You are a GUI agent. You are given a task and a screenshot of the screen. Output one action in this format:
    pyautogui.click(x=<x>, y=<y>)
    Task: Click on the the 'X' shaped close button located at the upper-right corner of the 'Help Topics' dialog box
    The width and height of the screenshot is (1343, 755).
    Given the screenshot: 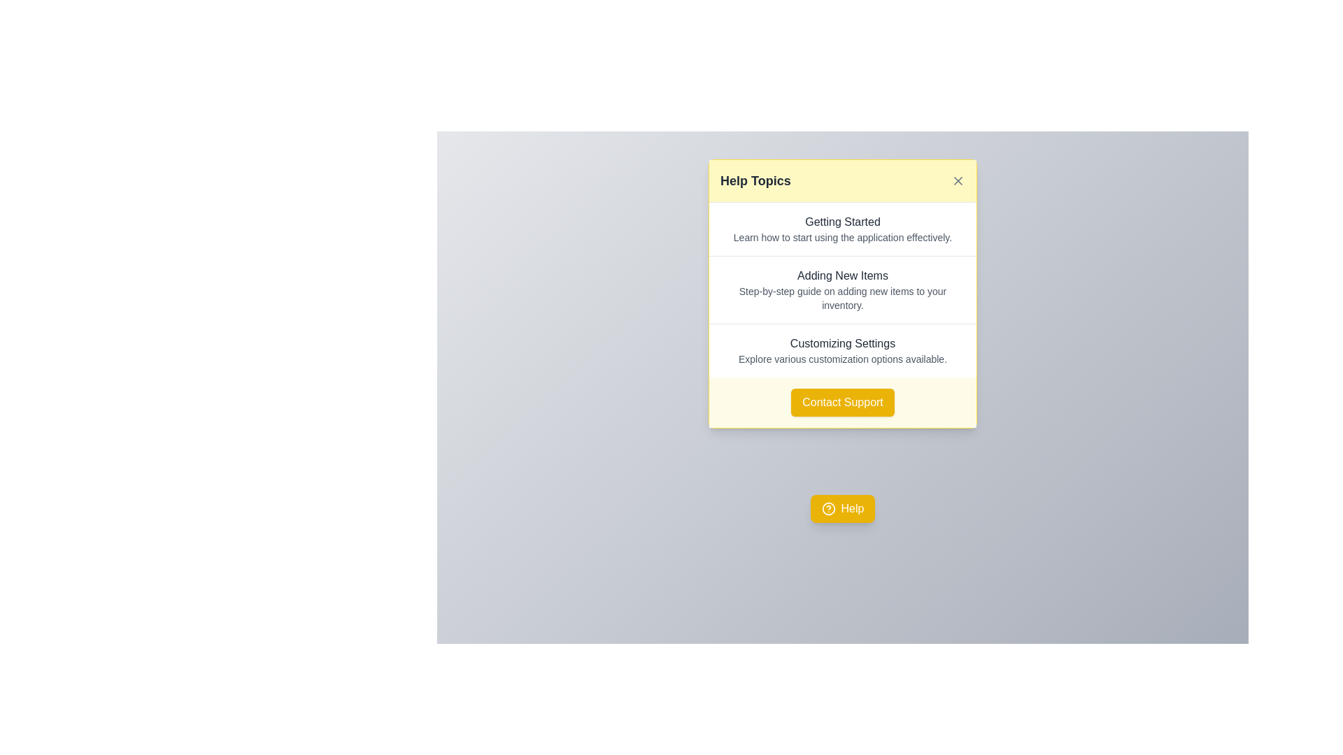 What is the action you would take?
    pyautogui.click(x=957, y=180)
    